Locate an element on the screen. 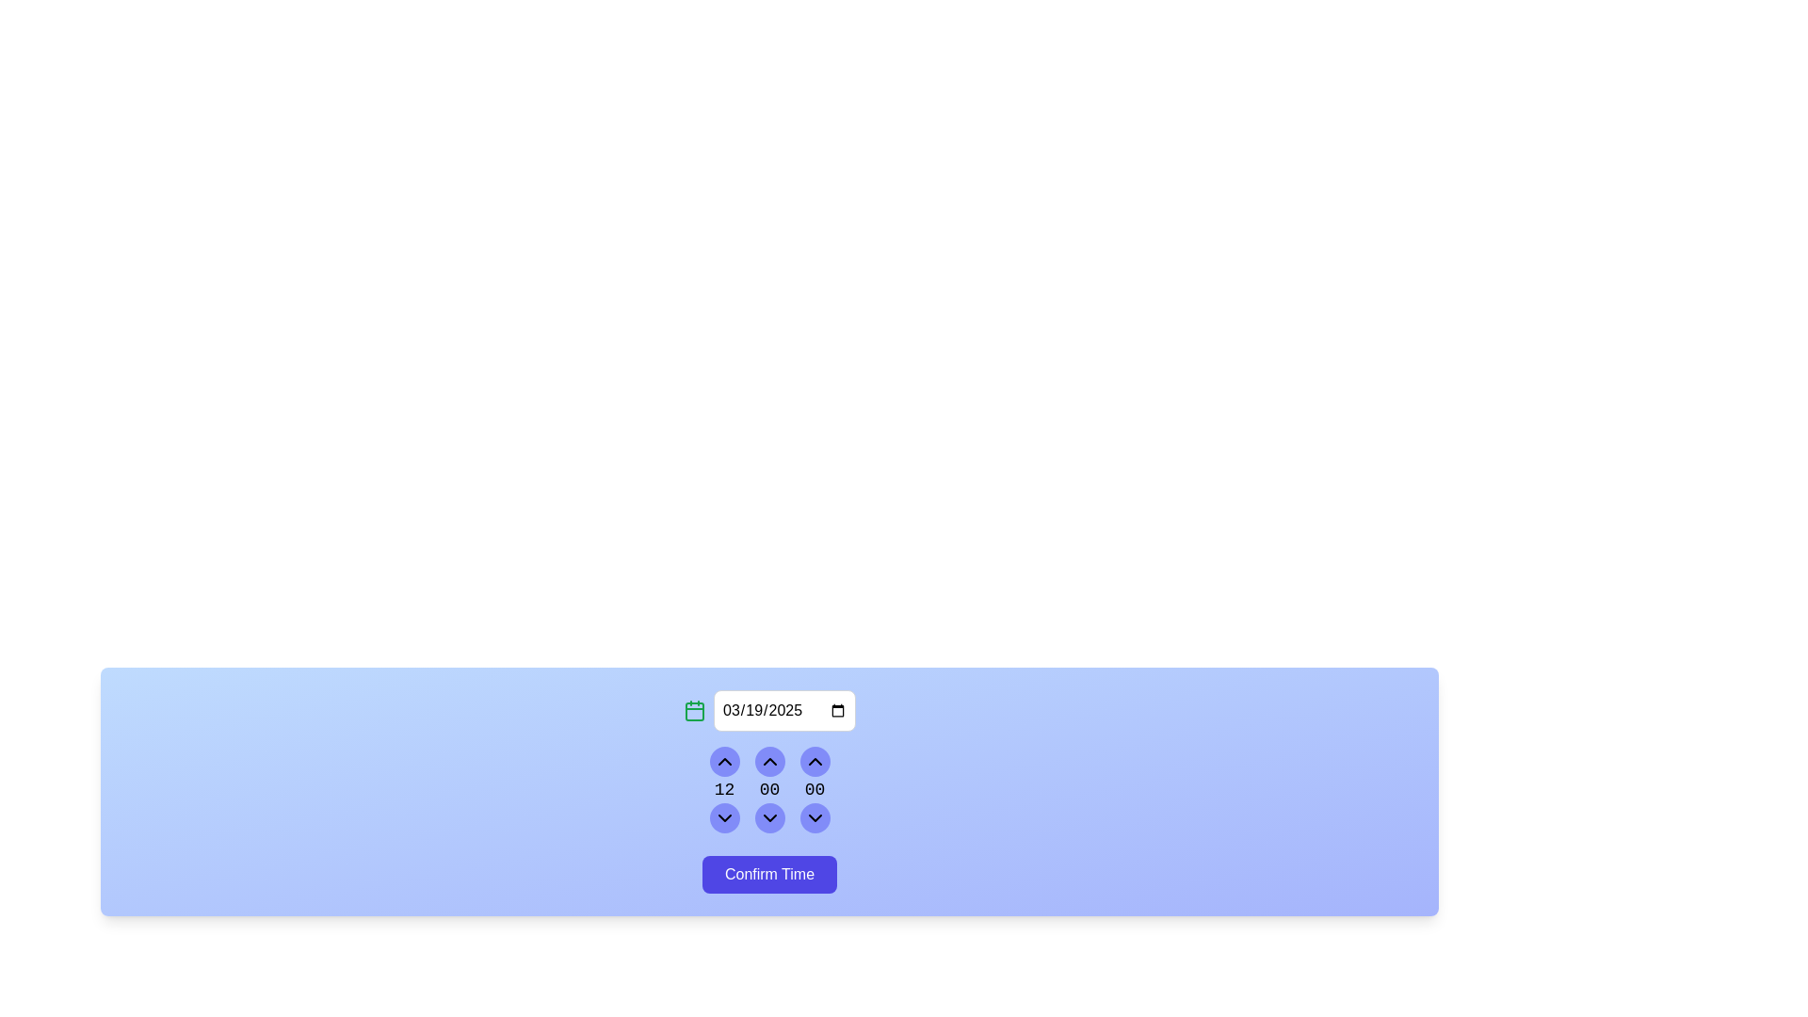 The image size is (1808, 1017). the button that decreases the time parameter, located below the '00' text in the second column of the time selector interface is located at coordinates (769, 816).